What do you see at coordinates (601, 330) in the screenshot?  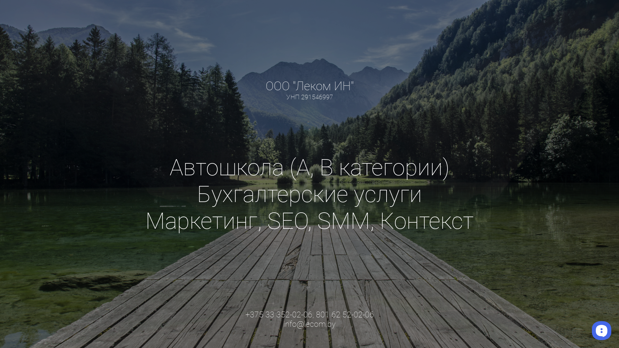 I see `'__replain_widget_iframe'` at bounding box center [601, 330].